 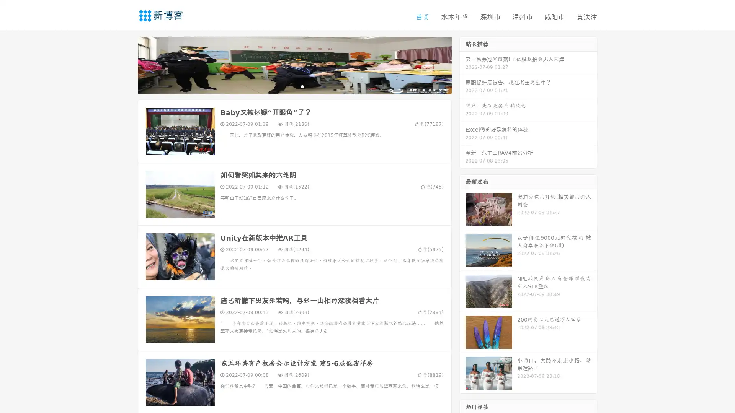 I want to click on Go to slide 3, so click(x=302, y=86).